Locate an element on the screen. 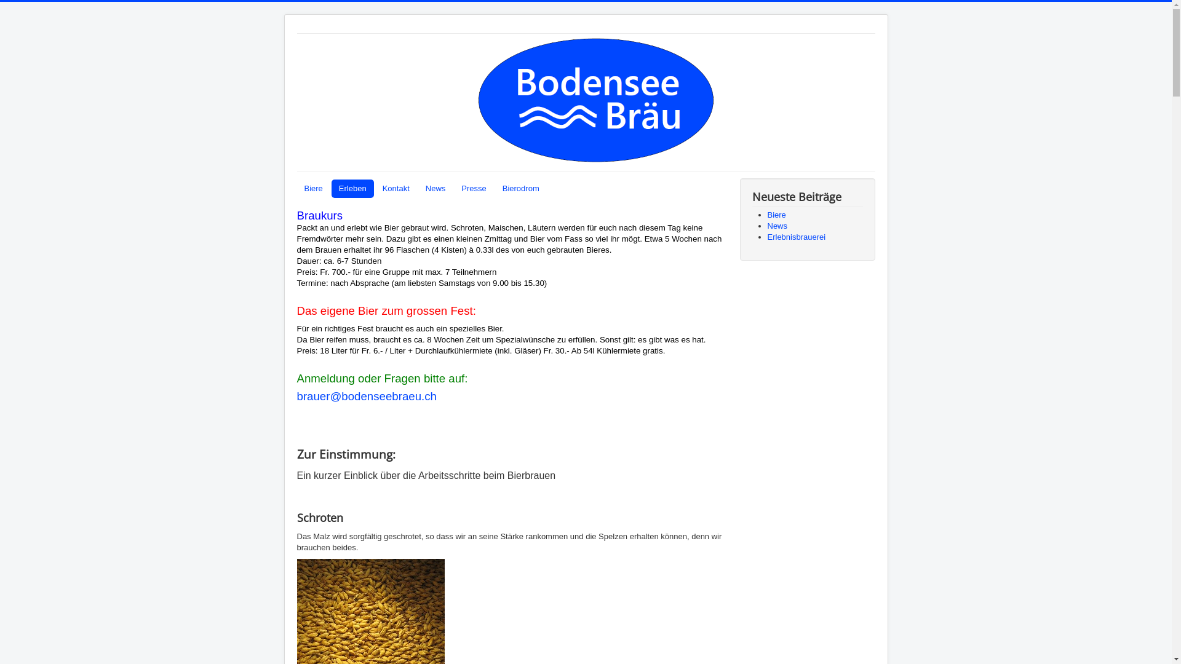  'Biere' is located at coordinates (312, 189).